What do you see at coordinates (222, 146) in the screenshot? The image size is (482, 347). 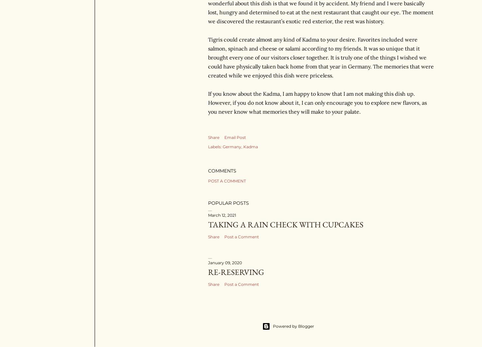 I see `'Germany'` at bounding box center [222, 146].